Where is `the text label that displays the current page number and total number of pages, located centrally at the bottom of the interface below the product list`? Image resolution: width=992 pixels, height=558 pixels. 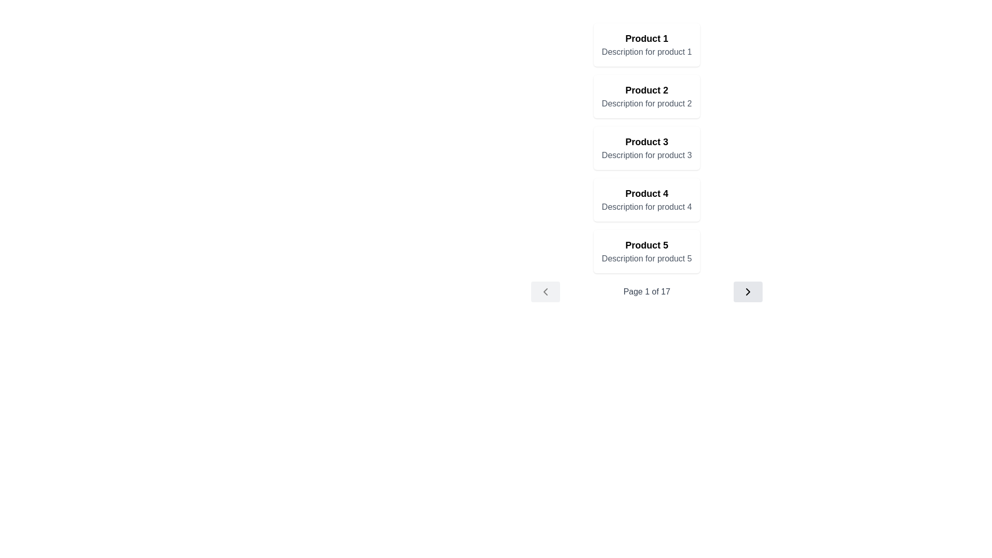
the text label that displays the current page number and total number of pages, located centrally at the bottom of the interface below the product list is located at coordinates (646, 291).